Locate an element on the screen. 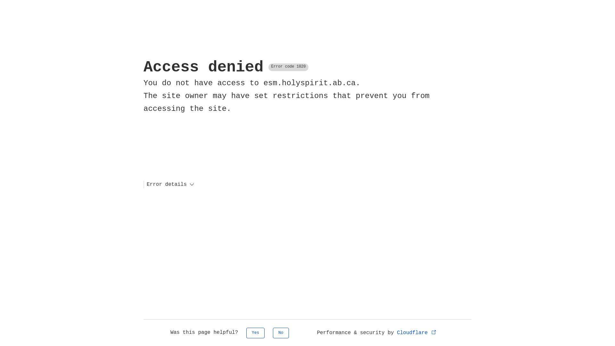  'No' is located at coordinates (281, 333).